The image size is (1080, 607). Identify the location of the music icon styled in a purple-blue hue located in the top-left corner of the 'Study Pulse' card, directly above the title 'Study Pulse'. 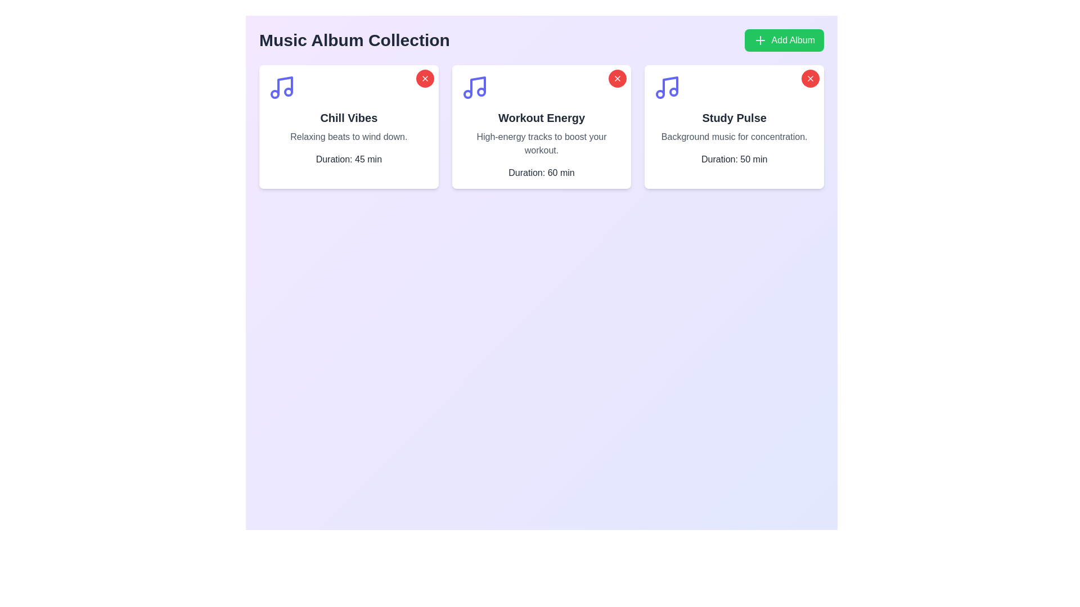
(667, 87).